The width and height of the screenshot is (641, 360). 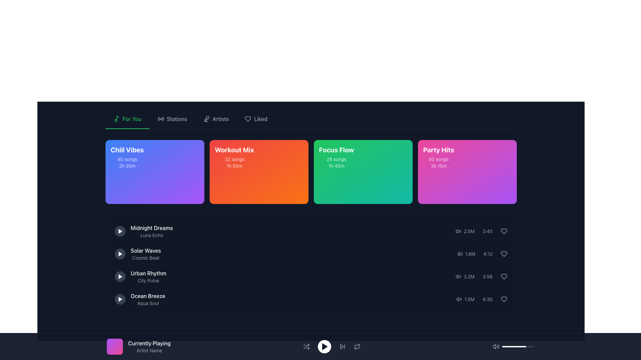 What do you see at coordinates (363, 172) in the screenshot?
I see `the third interactive playlist card from the left in the grid layout` at bounding box center [363, 172].